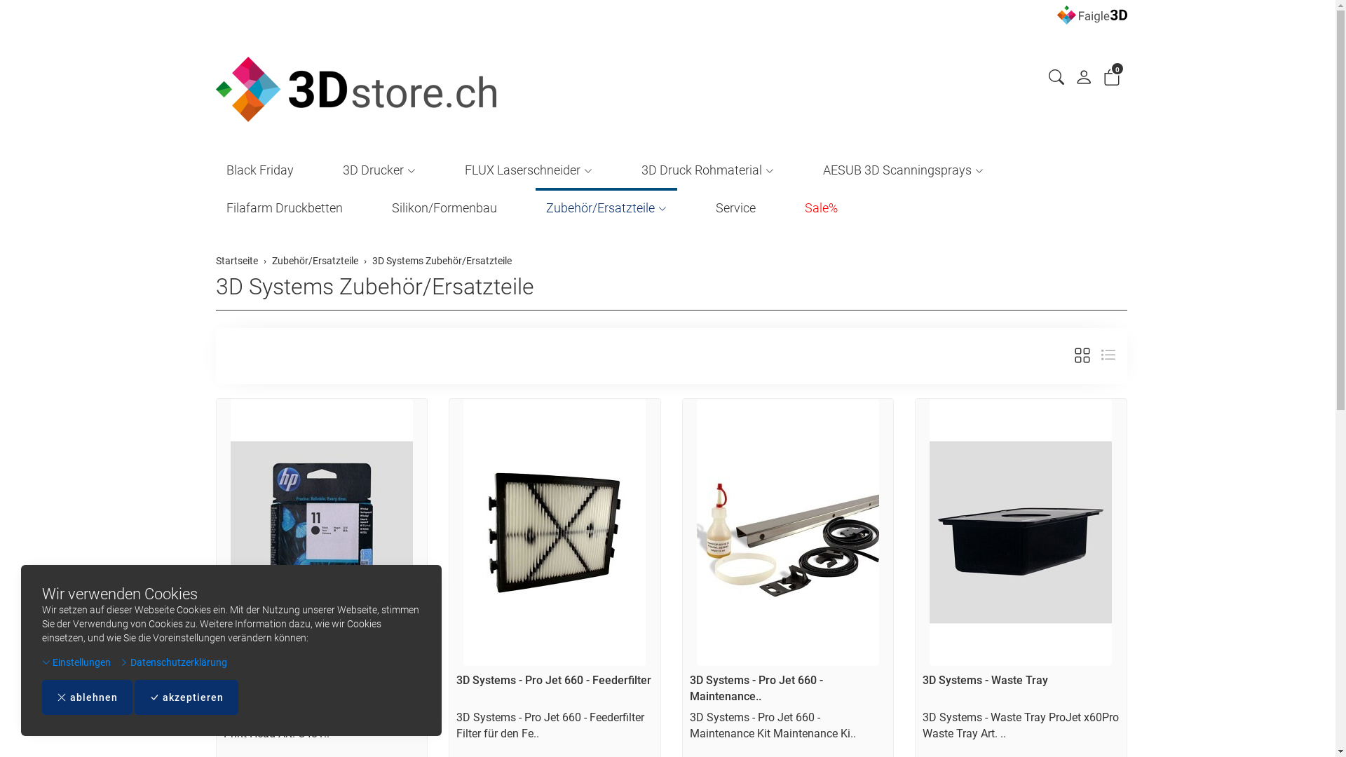 This screenshot has height=757, width=1346. I want to click on 'ablehnen', so click(86, 697).